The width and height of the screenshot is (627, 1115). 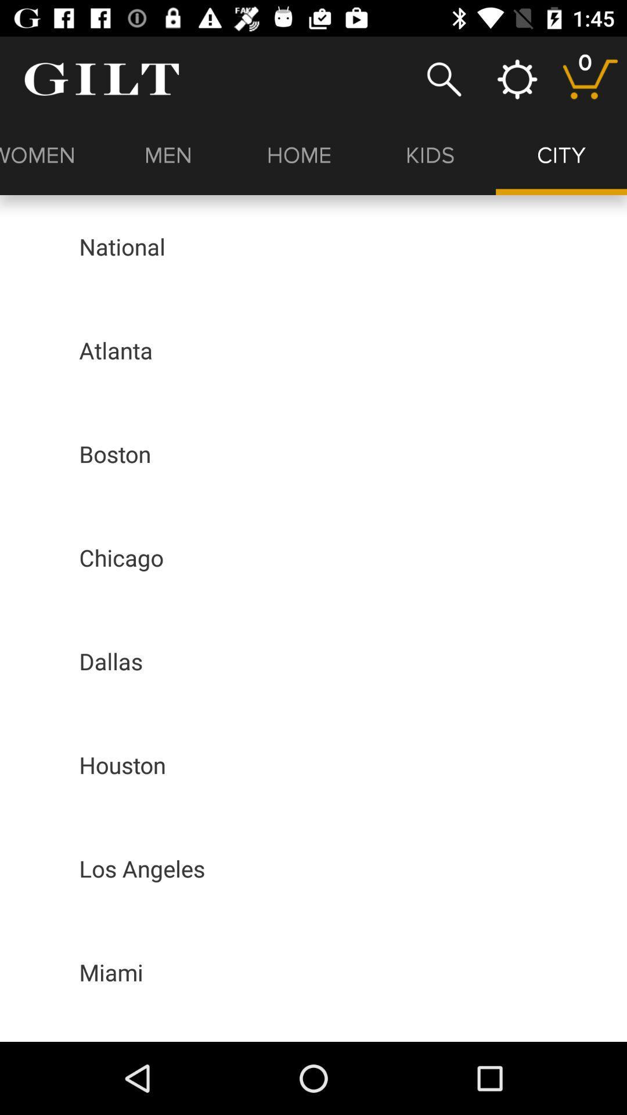 I want to click on icon below dallas app, so click(x=122, y=765).